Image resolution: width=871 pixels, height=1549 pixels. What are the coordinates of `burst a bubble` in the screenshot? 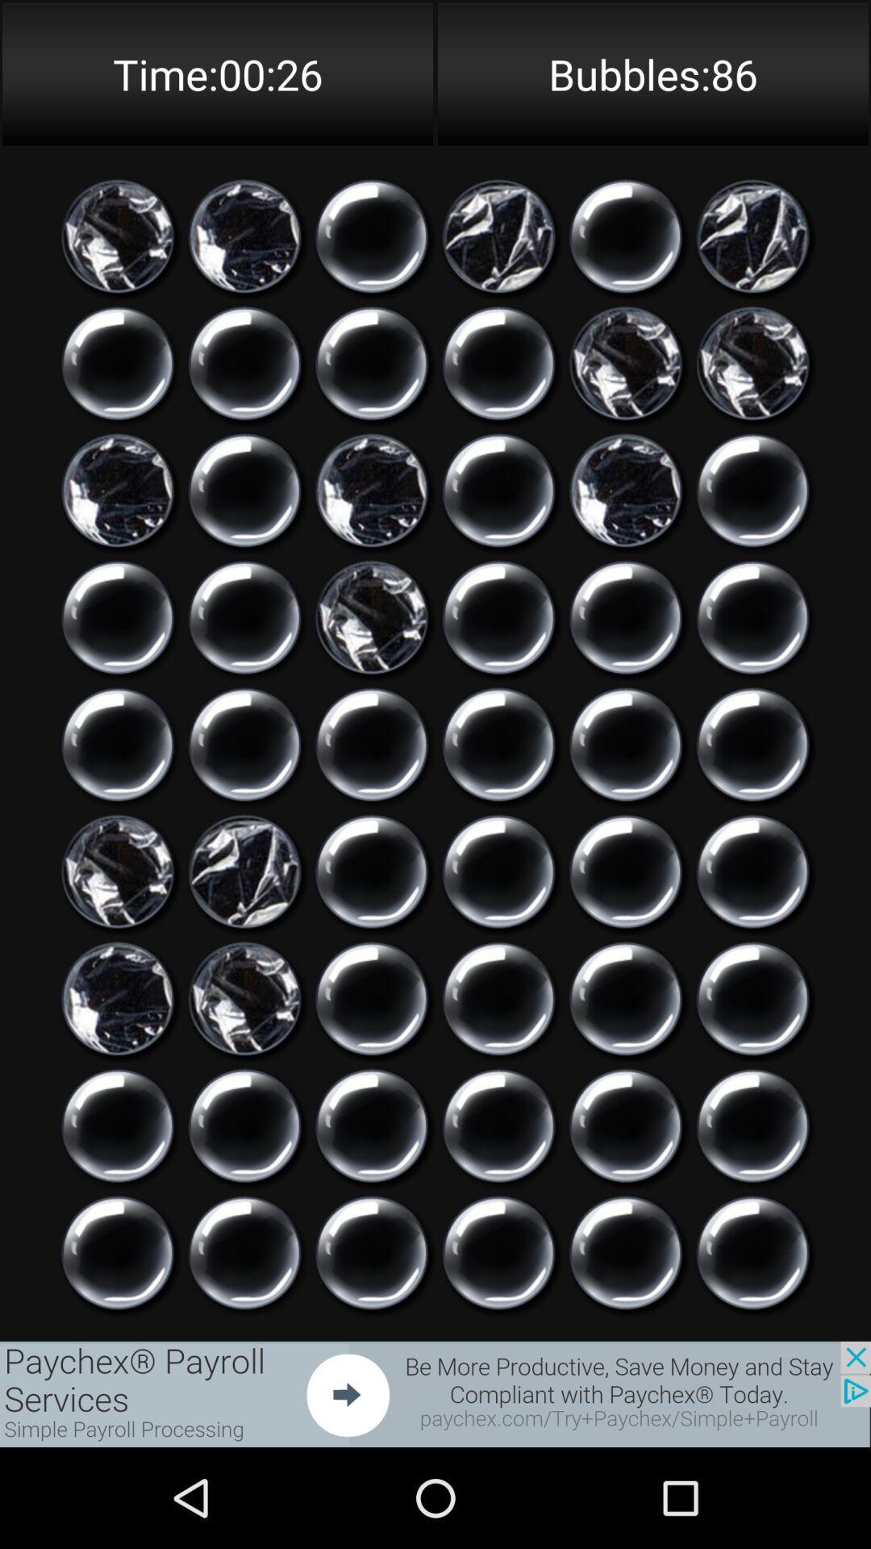 It's located at (244, 1125).